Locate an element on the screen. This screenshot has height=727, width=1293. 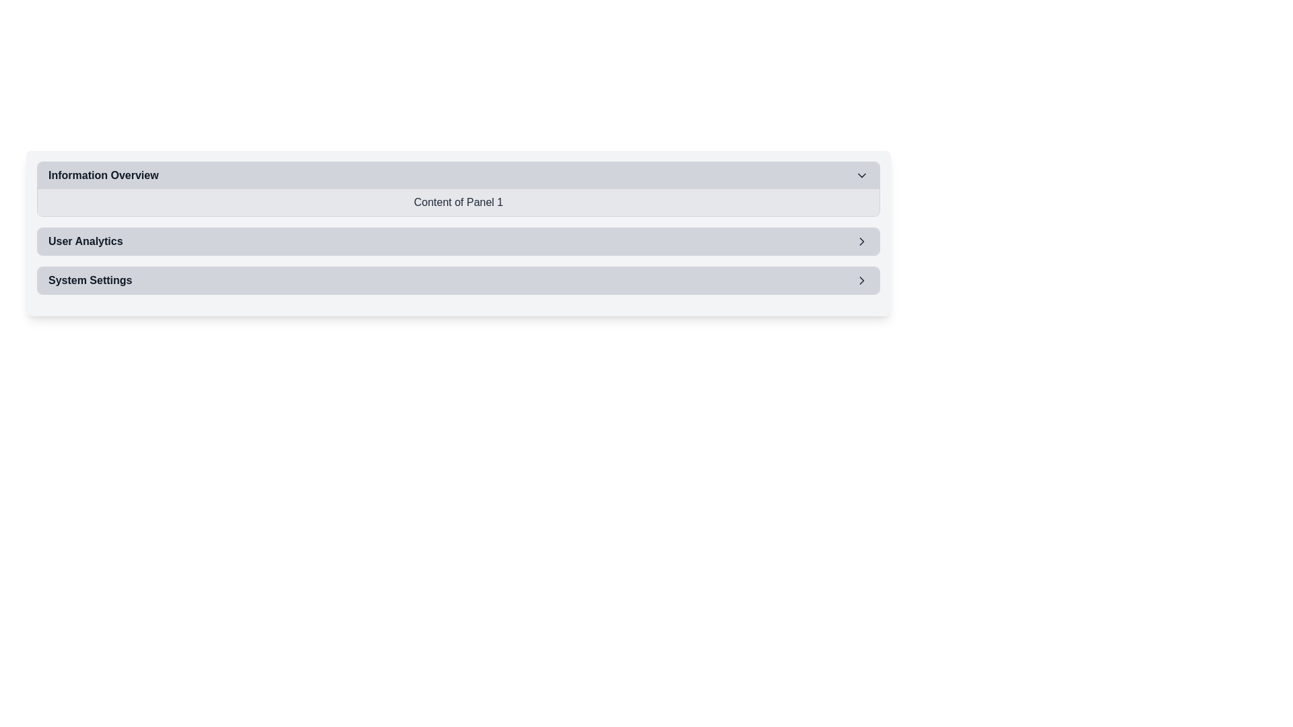
content displayed in the Text Display Block located under the 'Information Overview' header, which provides information related to 'Panel 1' is located at coordinates (459, 202).